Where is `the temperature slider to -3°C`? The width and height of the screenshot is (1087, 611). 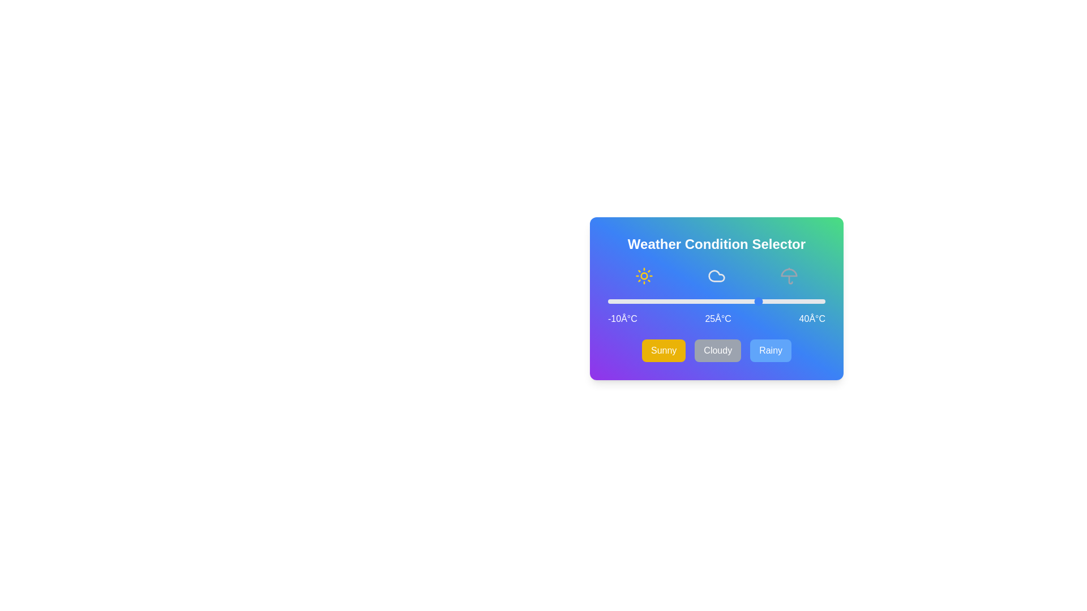
the temperature slider to -3°C is located at coordinates (638, 300).